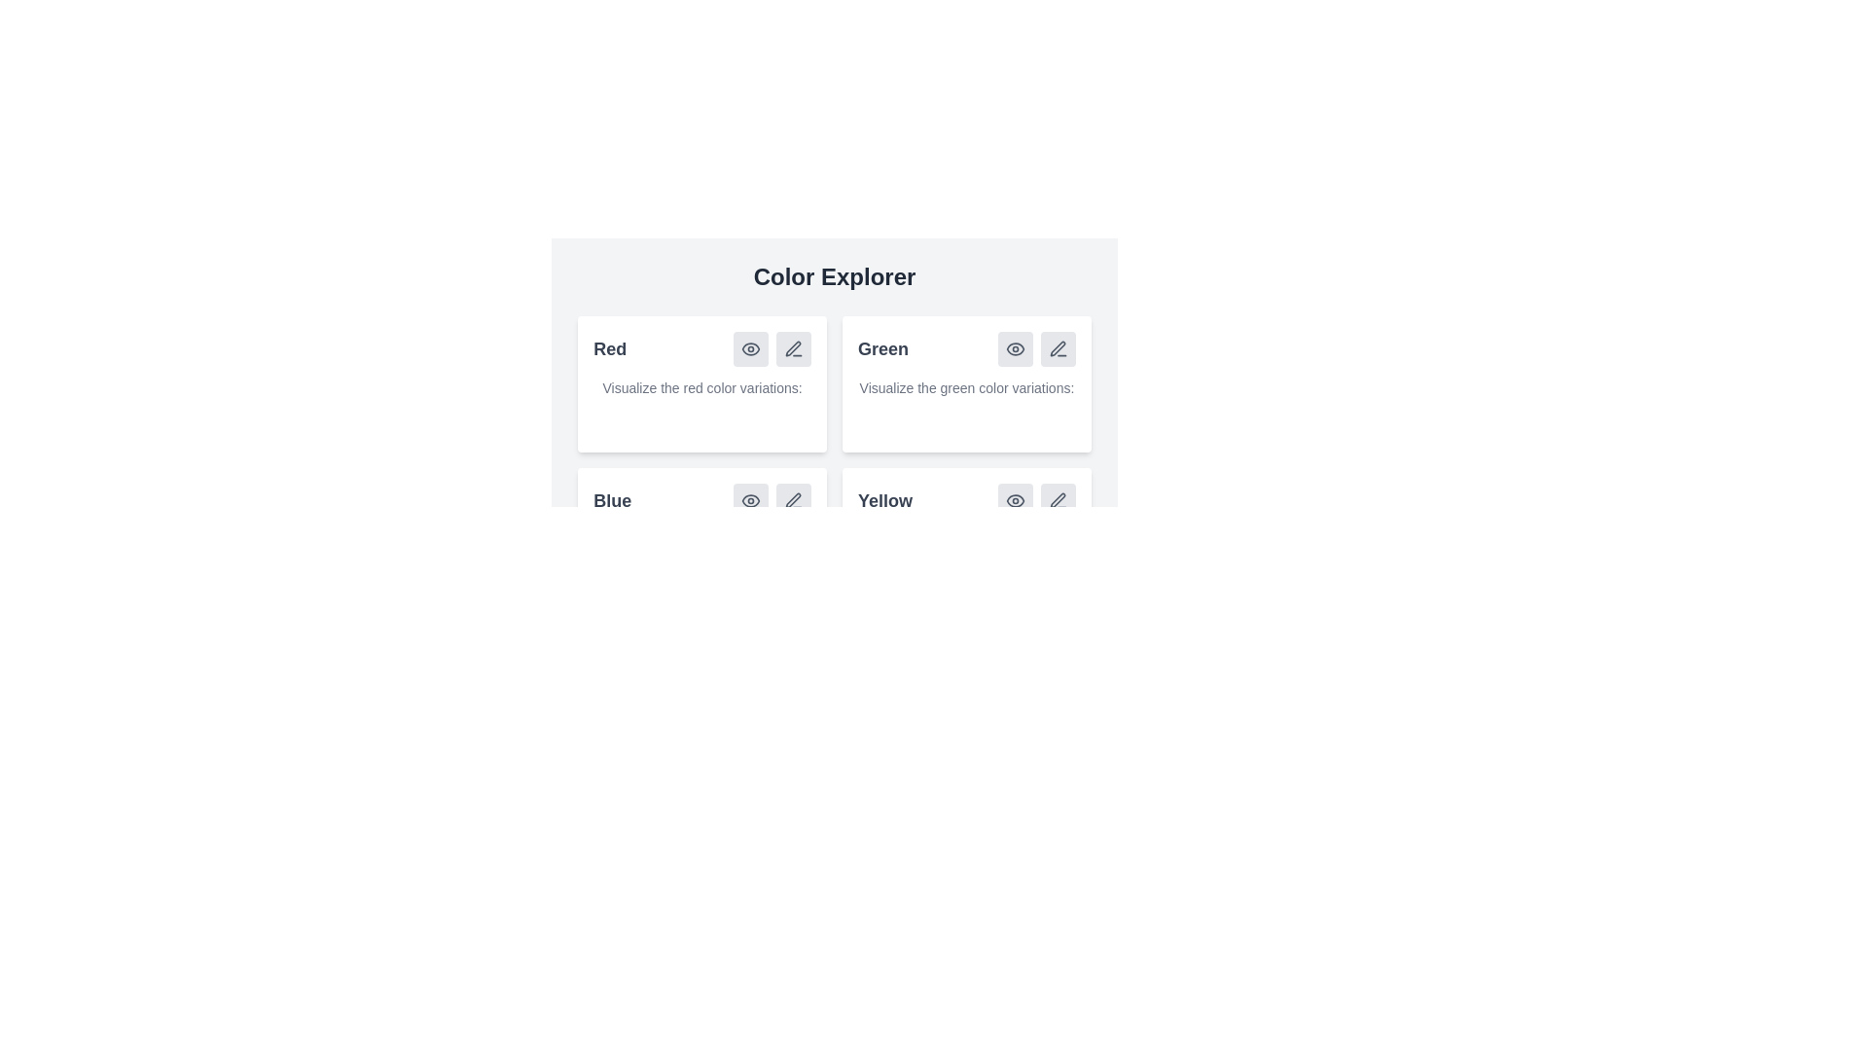 The width and height of the screenshot is (1868, 1051). What do you see at coordinates (750, 500) in the screenshot?
I see `the eye icon located in the 'Blue' color section of the 'Color Explorer' interface` at bounding box center [750, 500].